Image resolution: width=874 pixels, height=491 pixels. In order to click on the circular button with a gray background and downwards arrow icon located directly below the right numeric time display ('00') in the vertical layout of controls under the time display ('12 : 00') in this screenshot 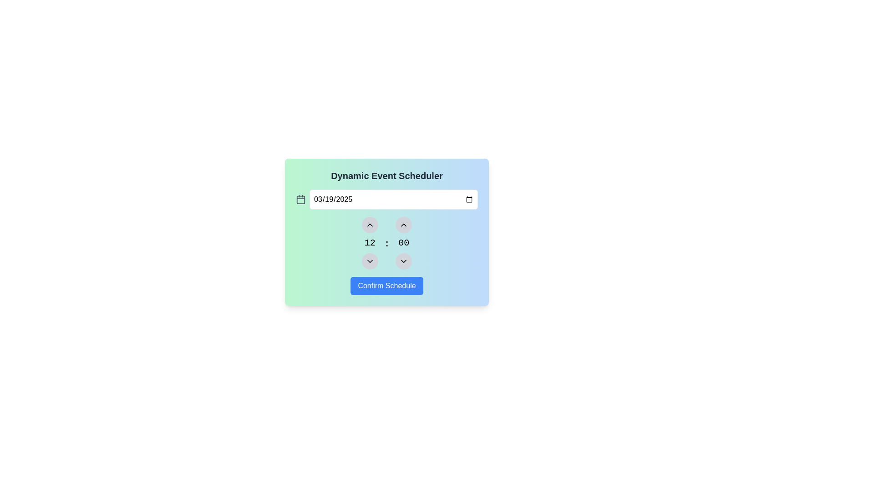, I will do `click(403, 261)`.